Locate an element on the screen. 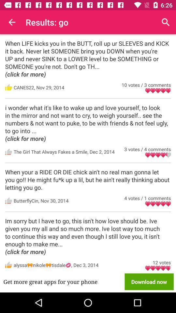 The width and height of the screenshot is (176, 313). icon next to the results: go icon is located at coordinates (12, 22).